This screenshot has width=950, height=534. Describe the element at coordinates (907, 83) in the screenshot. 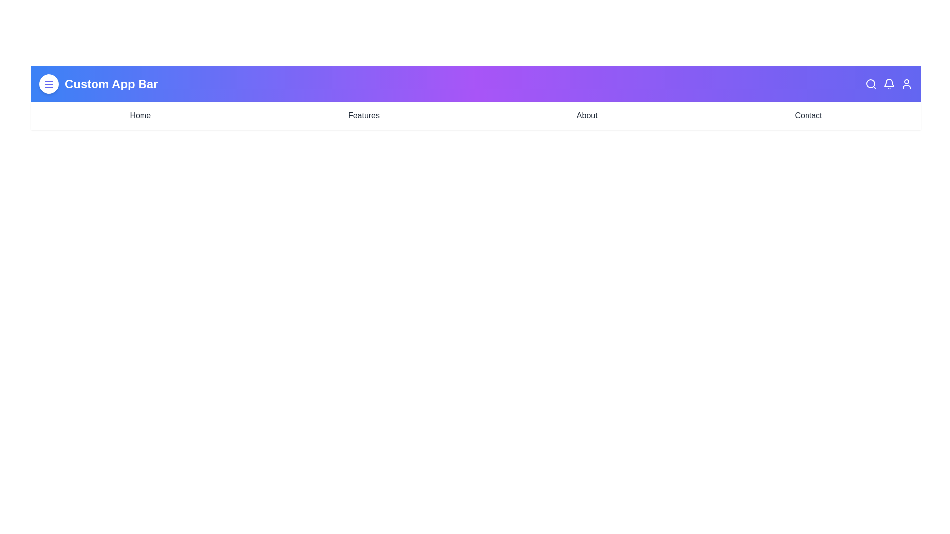

I see `the user_icon to observe visual changes` at that location.